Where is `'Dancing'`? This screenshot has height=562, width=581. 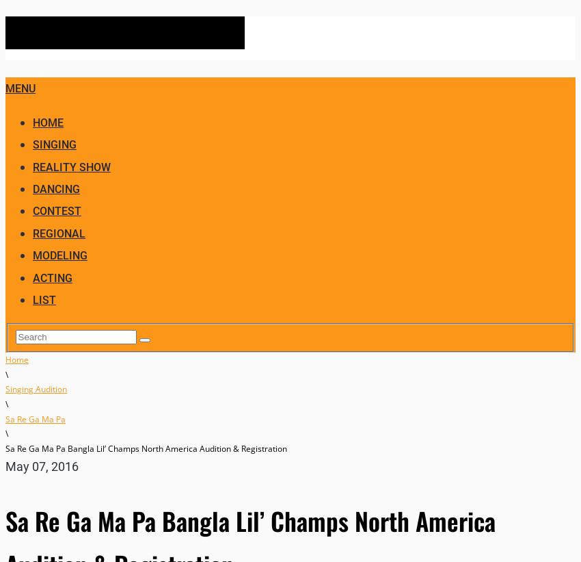 'Dancing' is located at coordinates (56, 188).